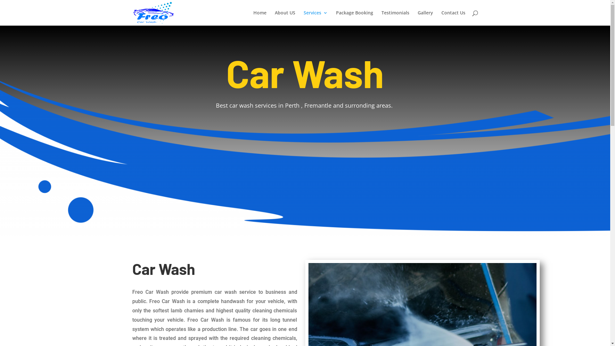 Image resolution: width=615 pixels, height=346 pixels. I want to click on 'Services', so click(316, 18).